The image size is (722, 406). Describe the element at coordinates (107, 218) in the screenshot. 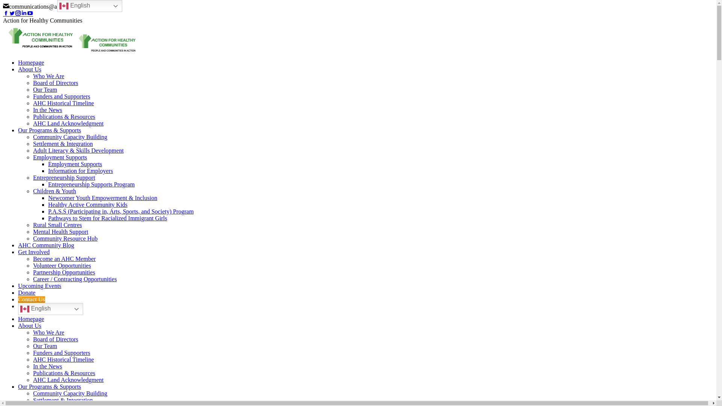

I see `'Pathways to Stem for Racialized Immigrant Girls'` at that location.